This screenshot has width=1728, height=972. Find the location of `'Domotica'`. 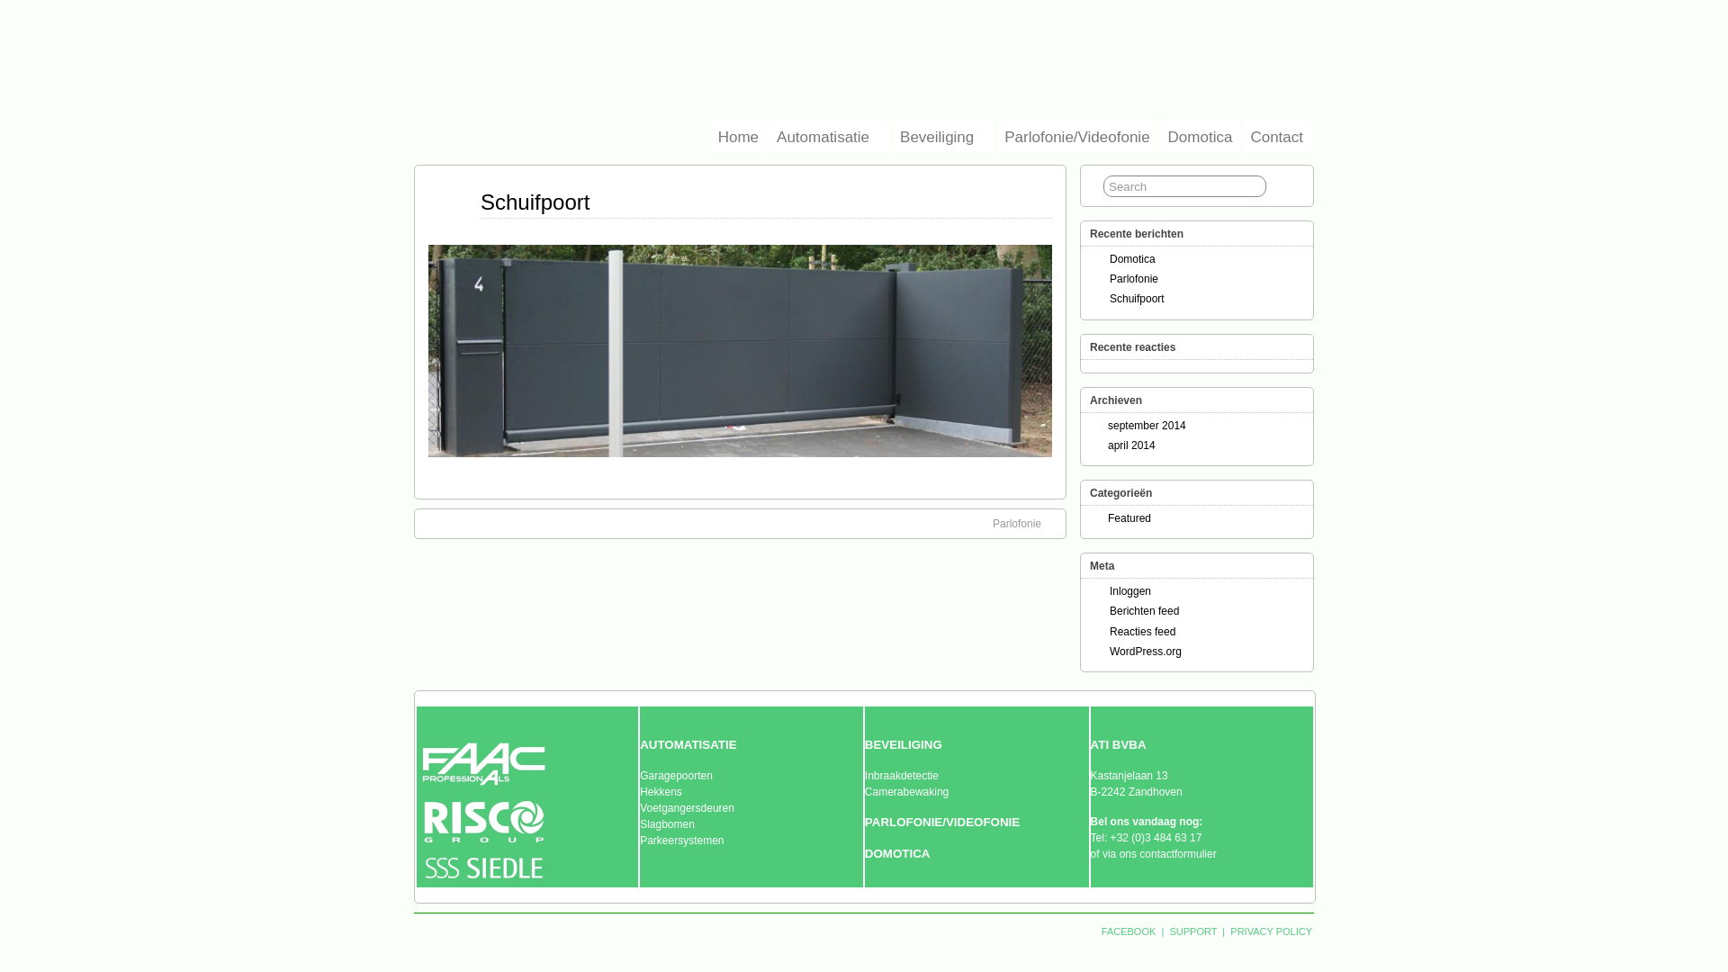

'Domotica' is located at coordinates (1131, 259).